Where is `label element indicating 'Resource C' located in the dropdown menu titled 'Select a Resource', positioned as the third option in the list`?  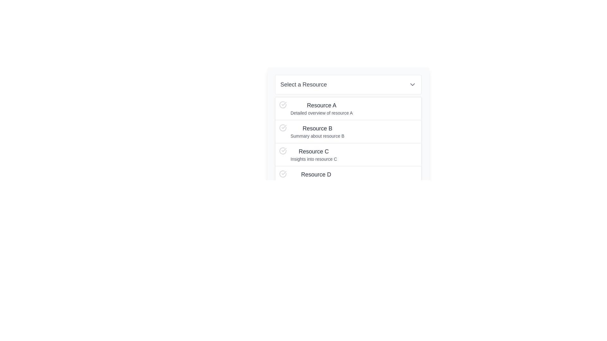
label element indicating 'Resource C' located in the dropdown menu titled 'Select a Resource', positioned as the third option in the list is located at coordinates (314, 151).